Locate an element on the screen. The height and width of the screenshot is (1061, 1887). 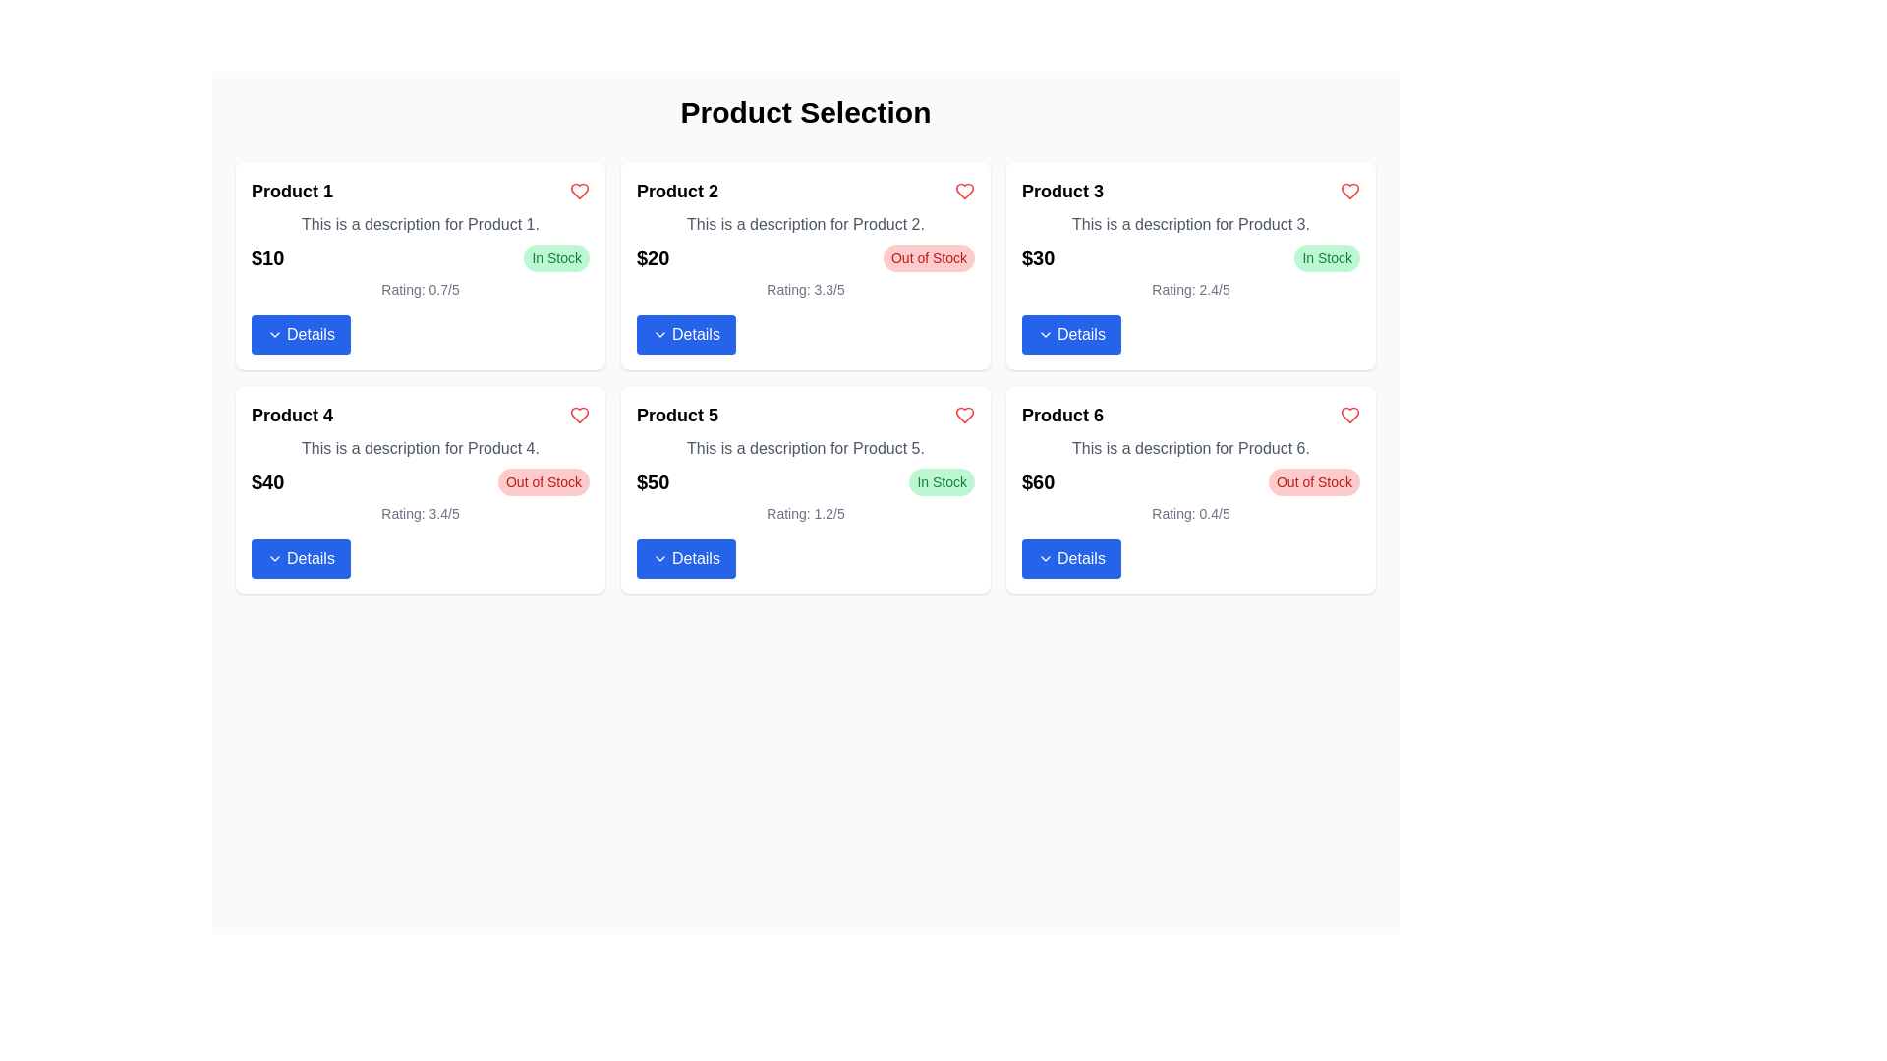
the blue rectangular button labeled 'Details' with an arrow icon on the left, located in the bottom section of the 'Product 4' card to trigger the hover effect is located at coordinates (300, 559).